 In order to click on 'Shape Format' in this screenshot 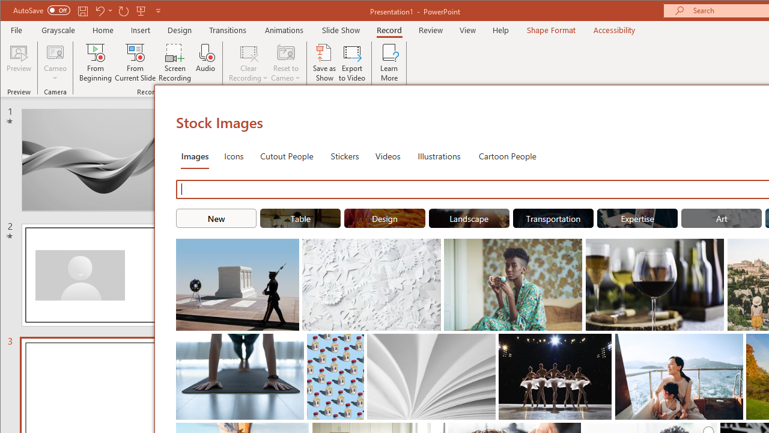, I will do `click(550, 29)`.